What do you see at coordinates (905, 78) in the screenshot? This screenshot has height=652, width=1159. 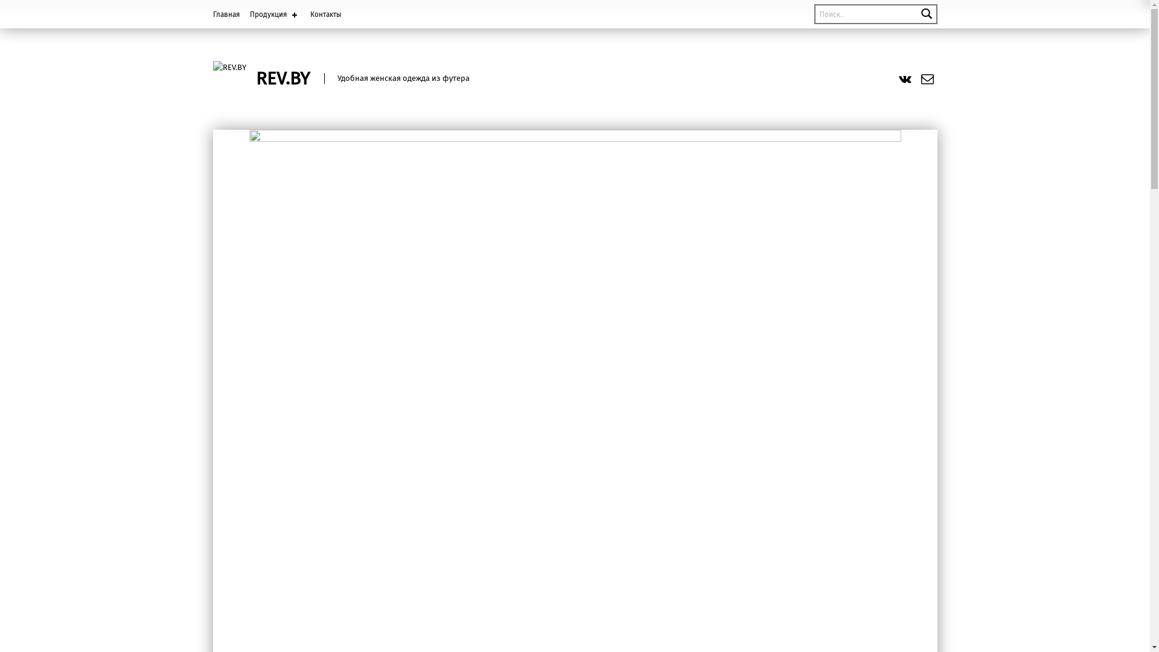 I see `'vk.com'` at bounding box center [905, 78].